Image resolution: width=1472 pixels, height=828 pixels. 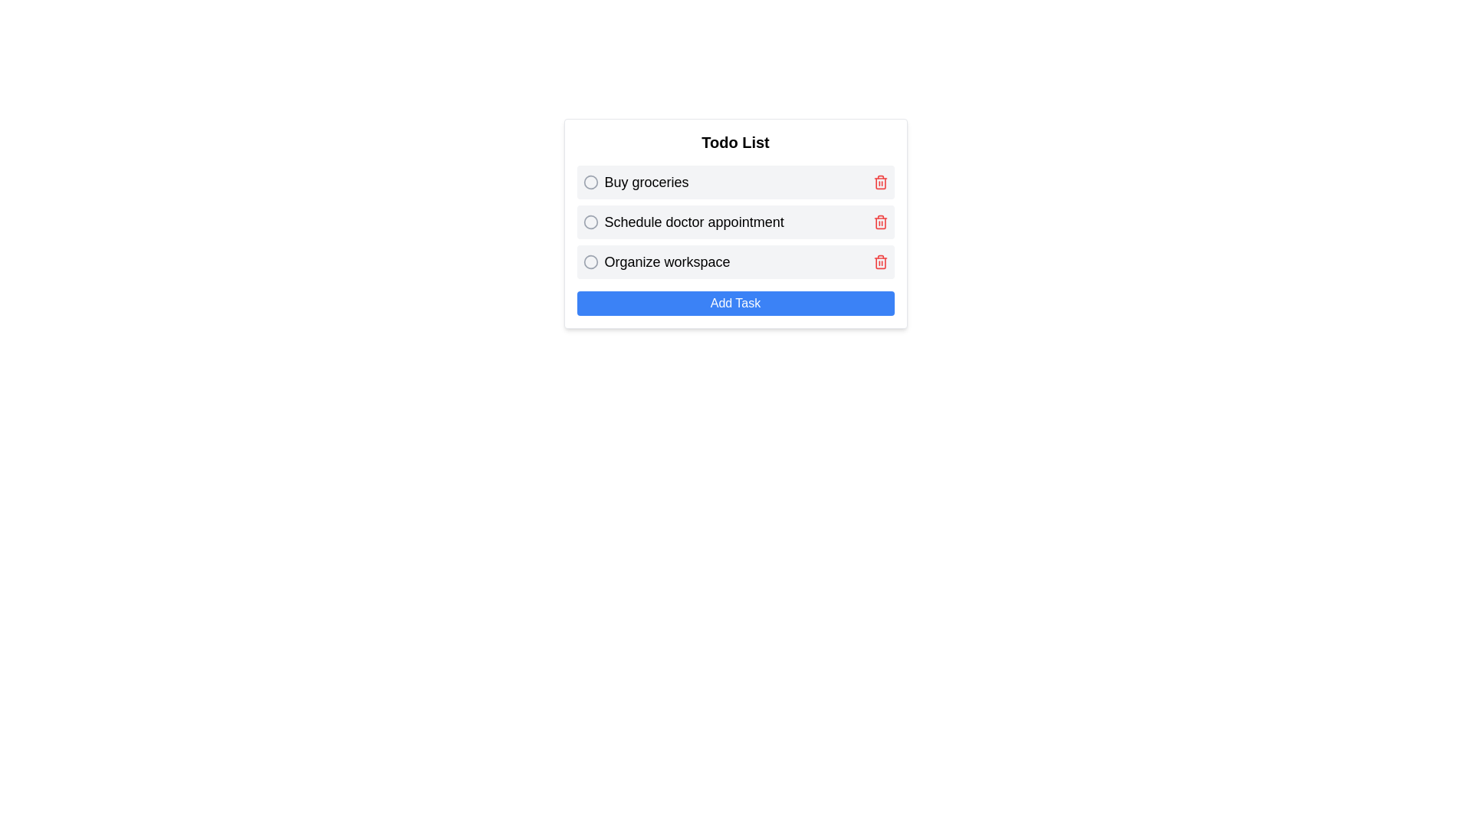 I want to click on the trash icon located at the top-right corner of the row corresponding to the second item, 'Schedule doctor appointment', so click(x=880, y=223).